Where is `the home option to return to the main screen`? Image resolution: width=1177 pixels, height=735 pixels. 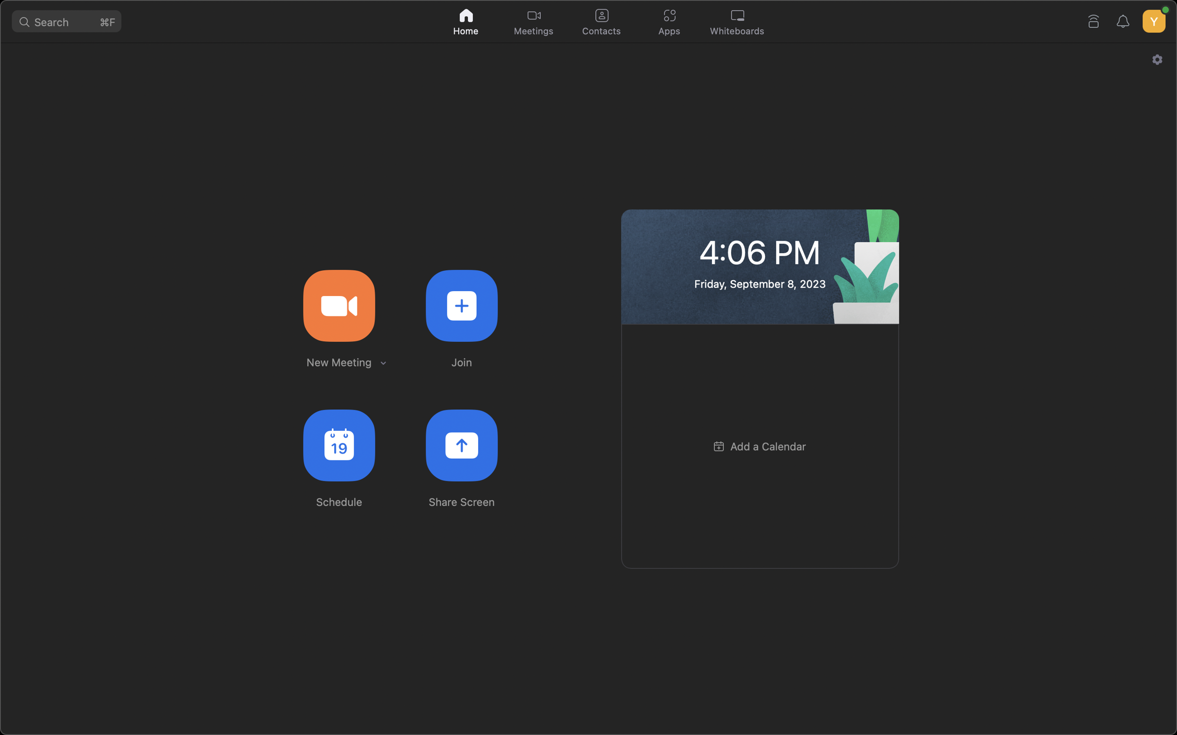
the home option to return to the main screen is located at coordinates (466, 20).